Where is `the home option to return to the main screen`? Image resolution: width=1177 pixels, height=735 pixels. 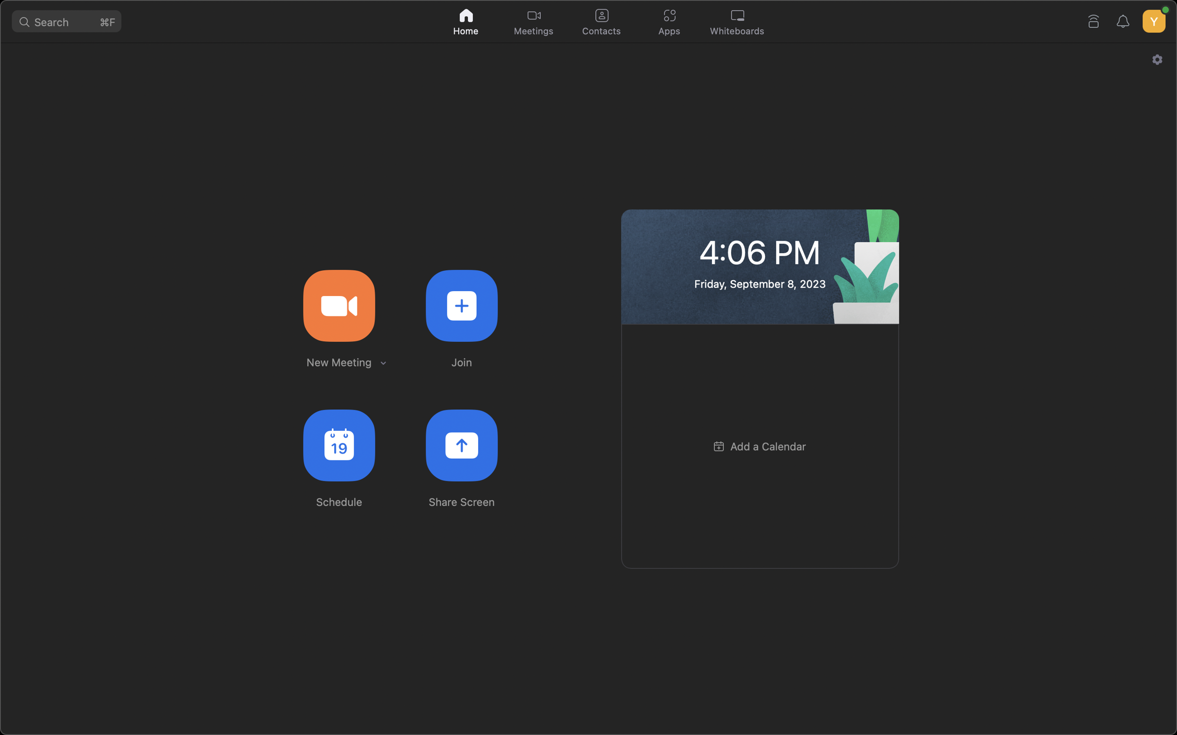
the home option to return to the main screen is located at coordinates (466, 20).